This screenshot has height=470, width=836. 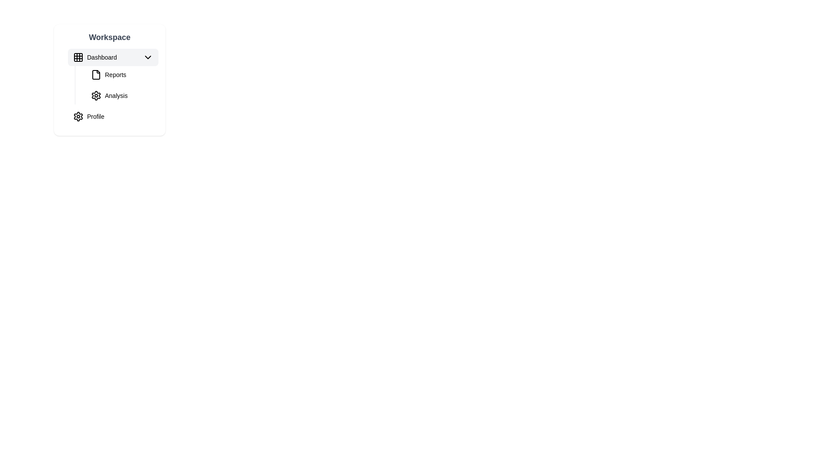 I want to click on the non-interactive text label at the top-center of the card-like section, which describes the content beneath it, so click(x=109, y=37).